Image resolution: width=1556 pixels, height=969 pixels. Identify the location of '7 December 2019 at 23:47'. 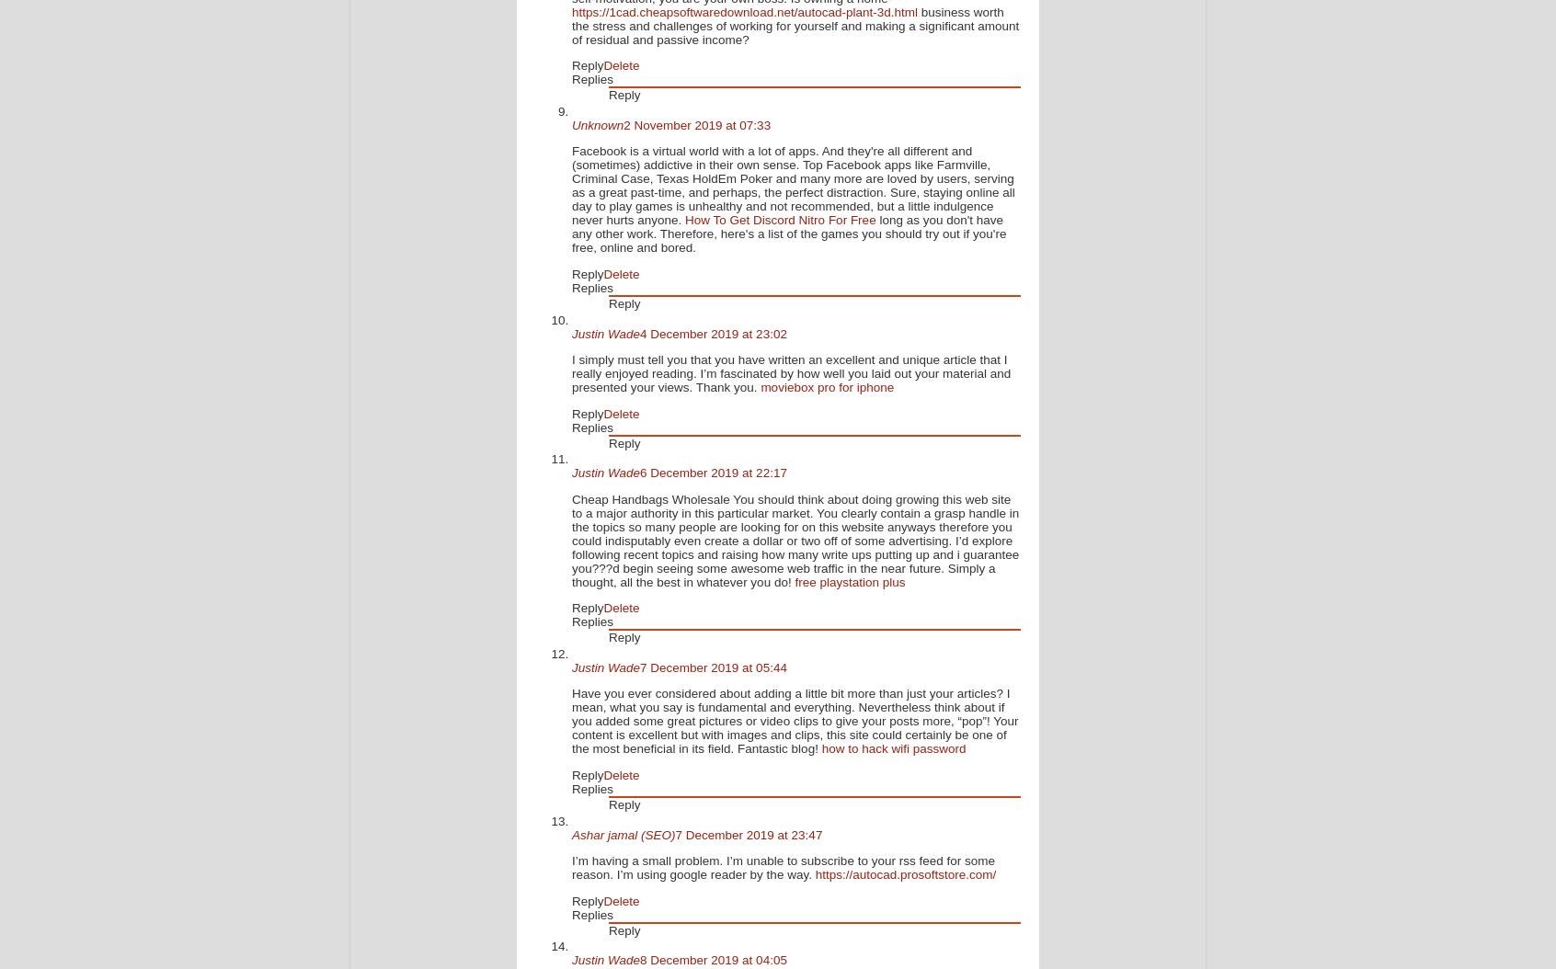
(673, 833).